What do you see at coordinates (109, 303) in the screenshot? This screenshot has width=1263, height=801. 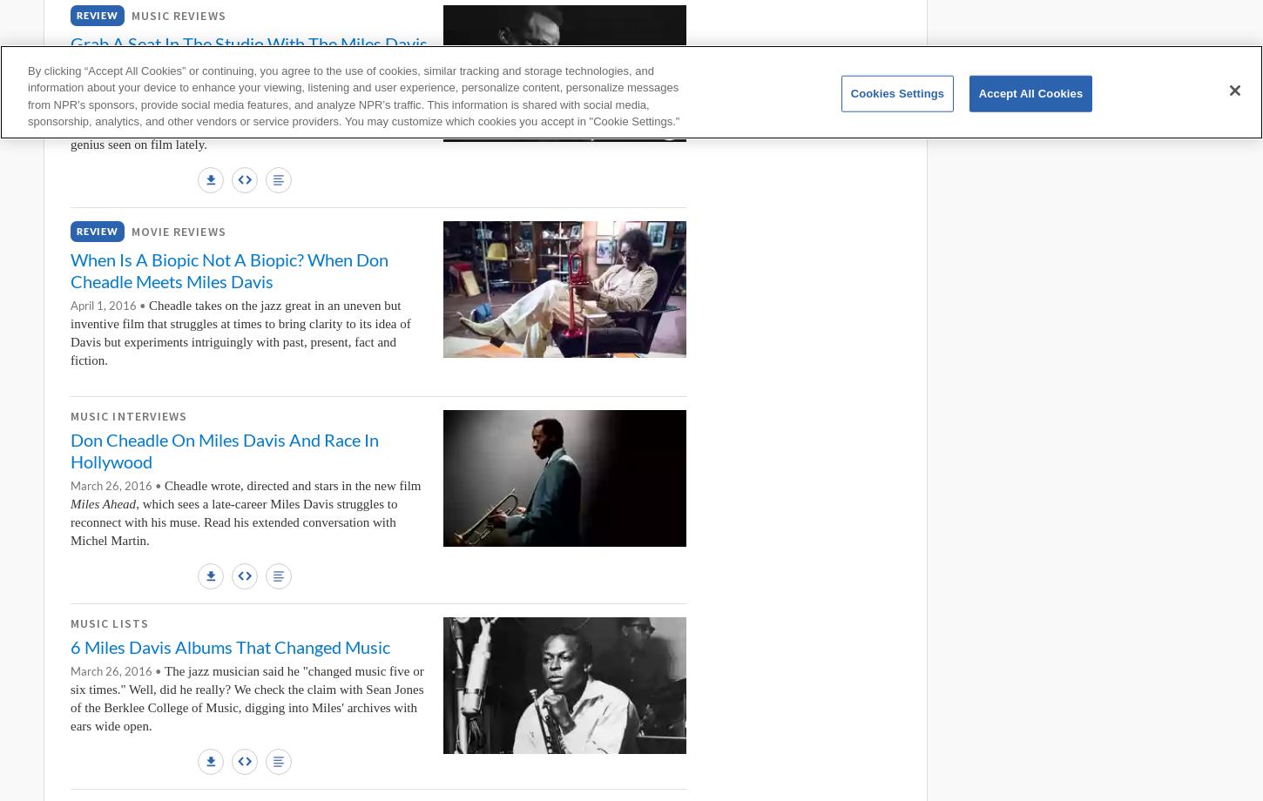 I see `'April 1, 2016 •'` at bounding box center [109, 303].